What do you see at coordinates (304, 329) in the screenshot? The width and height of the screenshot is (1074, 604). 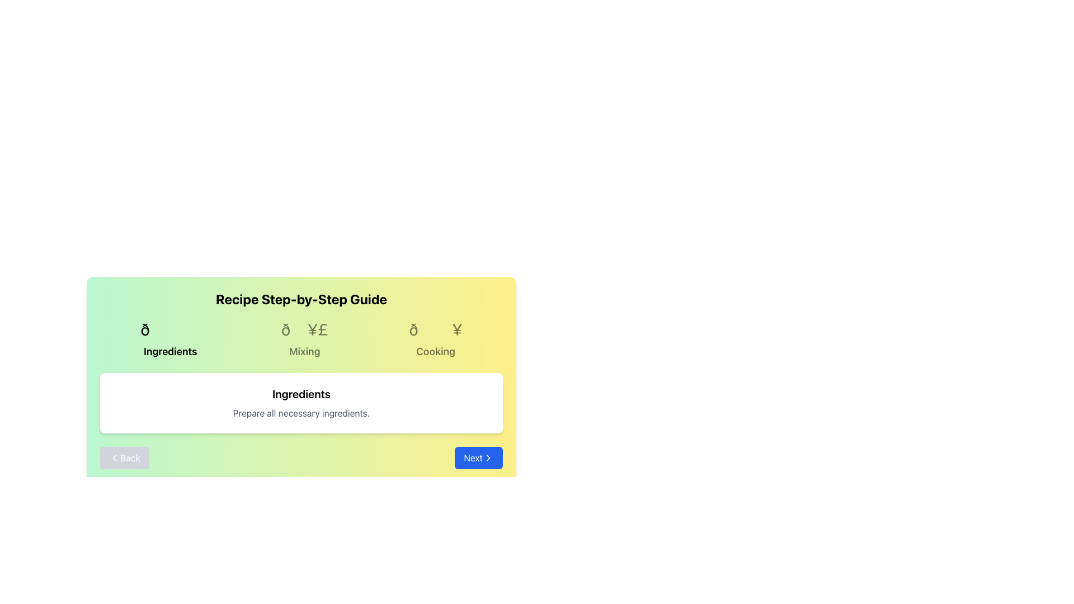 I see `the decorative emoji-like icon representing the 'Mixing' step in the guide, which is centrally located above the text label 'Mixing'` at bounding box center [304, 329].